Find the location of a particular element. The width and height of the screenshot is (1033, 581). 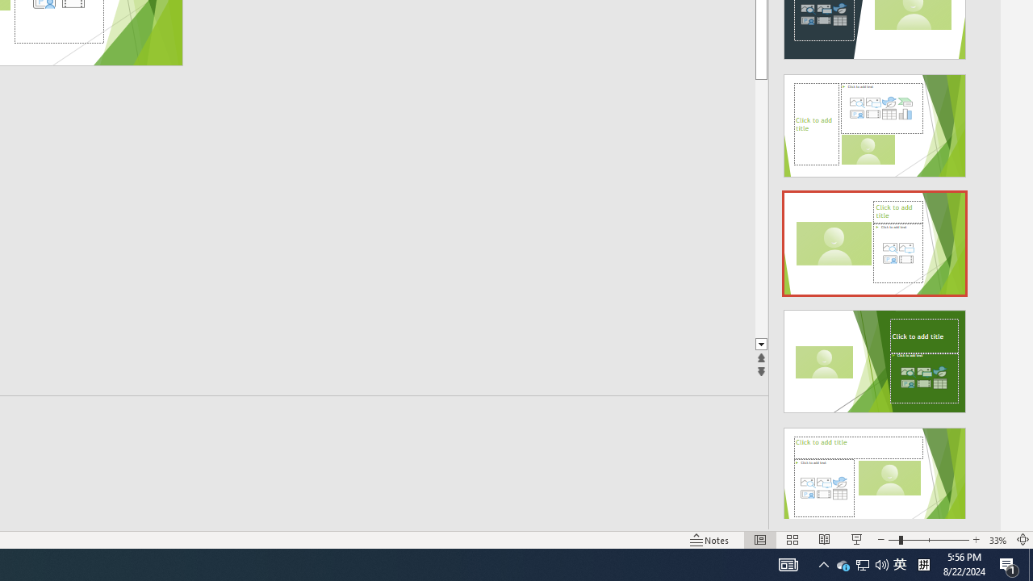

'Slide Sorter' is located at coordinates (793, 540).